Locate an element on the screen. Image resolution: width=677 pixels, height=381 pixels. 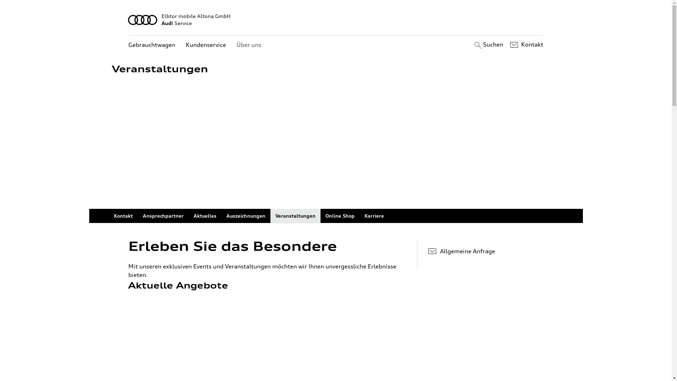
'Auszeichnungen' is located at coordinates (246, 216).